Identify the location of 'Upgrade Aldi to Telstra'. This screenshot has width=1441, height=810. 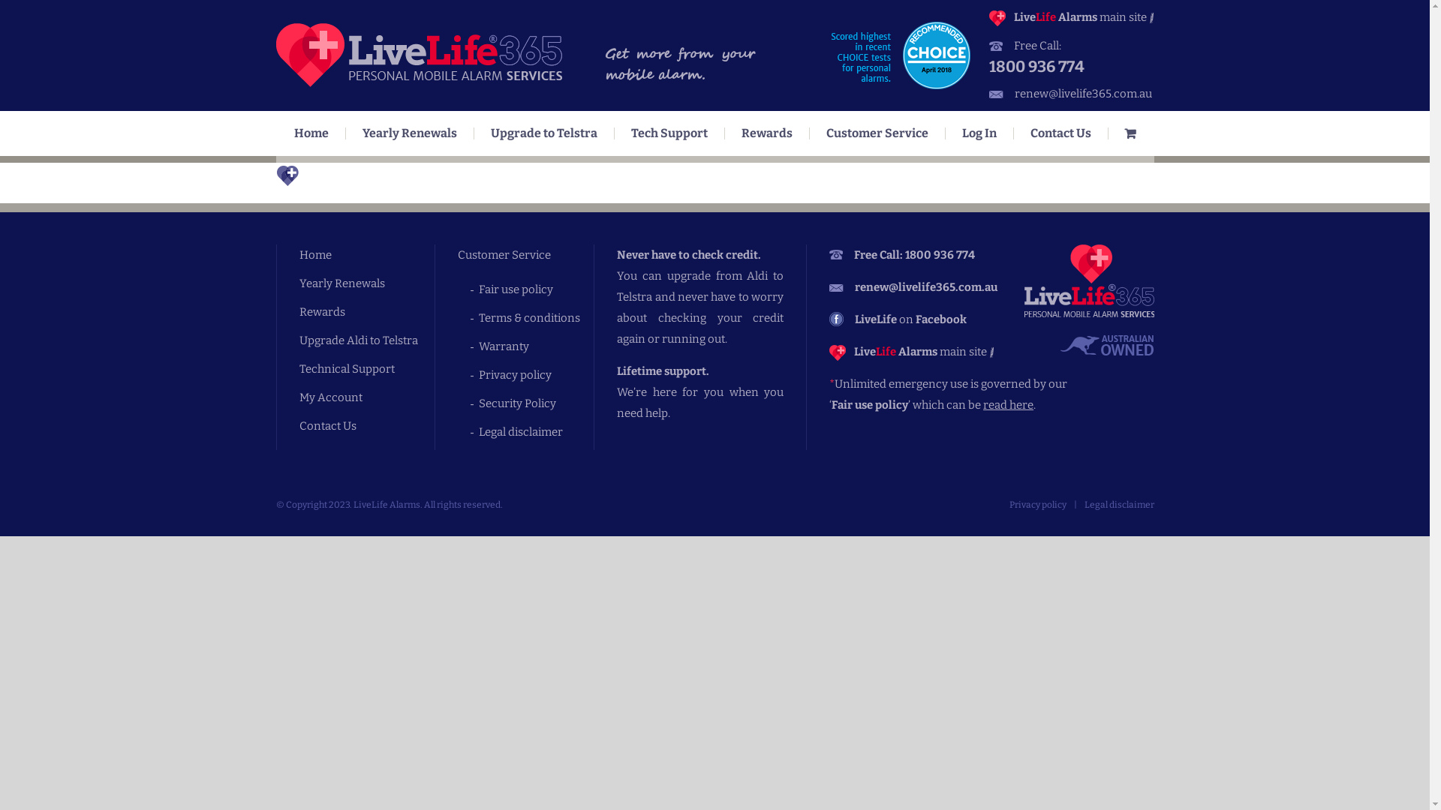
(366, 340).